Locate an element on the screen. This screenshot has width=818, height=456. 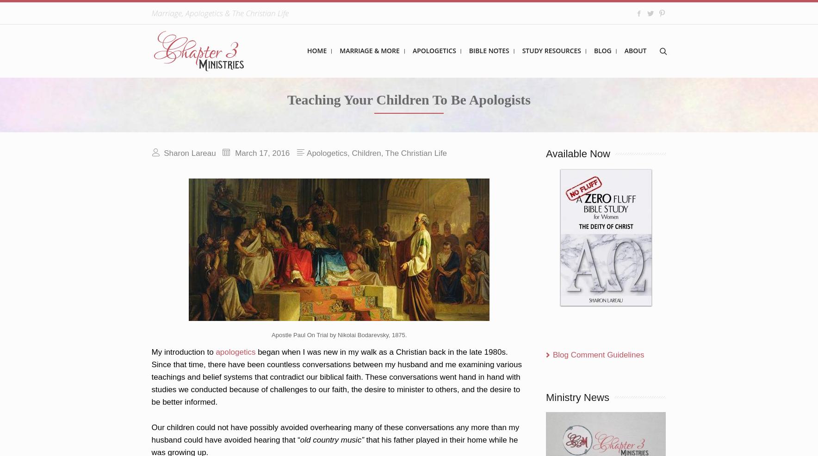
'Marriage, Apologetics & the Christian Life' is located at coordinates (219, 12).